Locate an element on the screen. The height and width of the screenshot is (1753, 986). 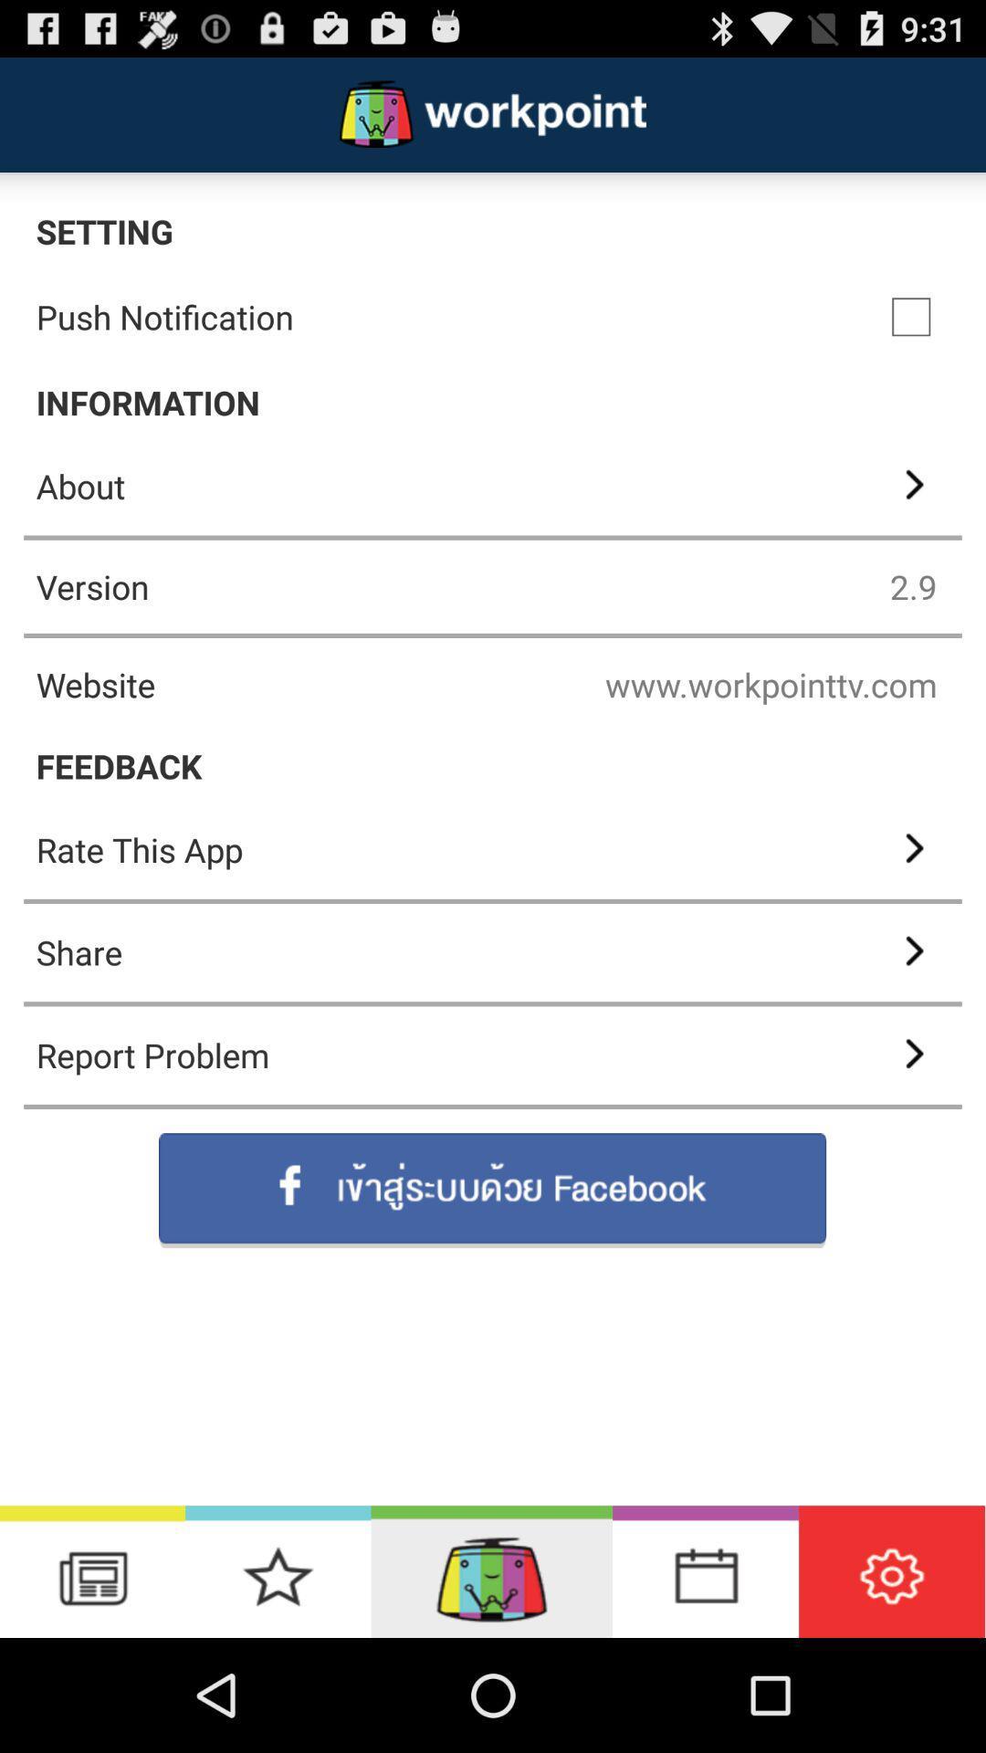
show favorites is located at coordinates (278, 1570).